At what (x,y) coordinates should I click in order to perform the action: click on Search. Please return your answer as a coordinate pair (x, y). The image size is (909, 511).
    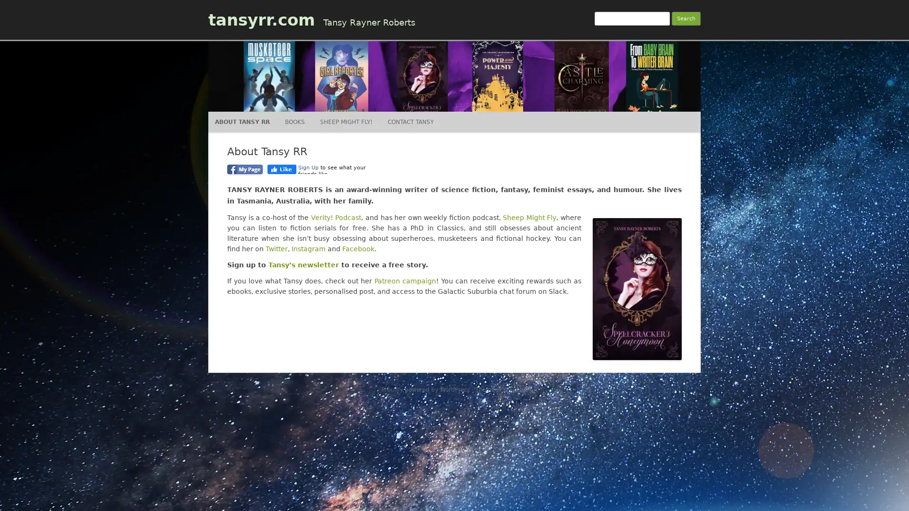
    Looking at the image, I should click on (686, 18).